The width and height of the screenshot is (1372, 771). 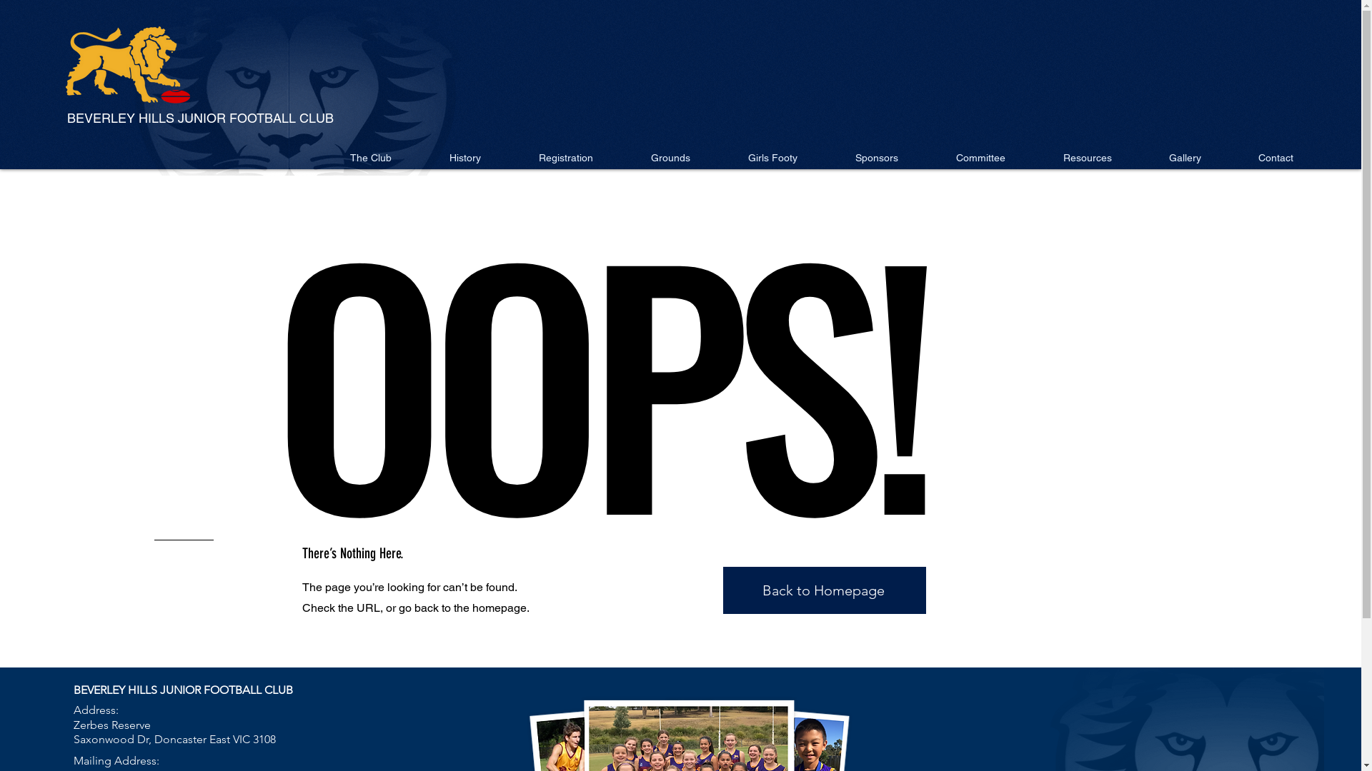 I want to click on 'Sponsors', so click(x=875, y=157).